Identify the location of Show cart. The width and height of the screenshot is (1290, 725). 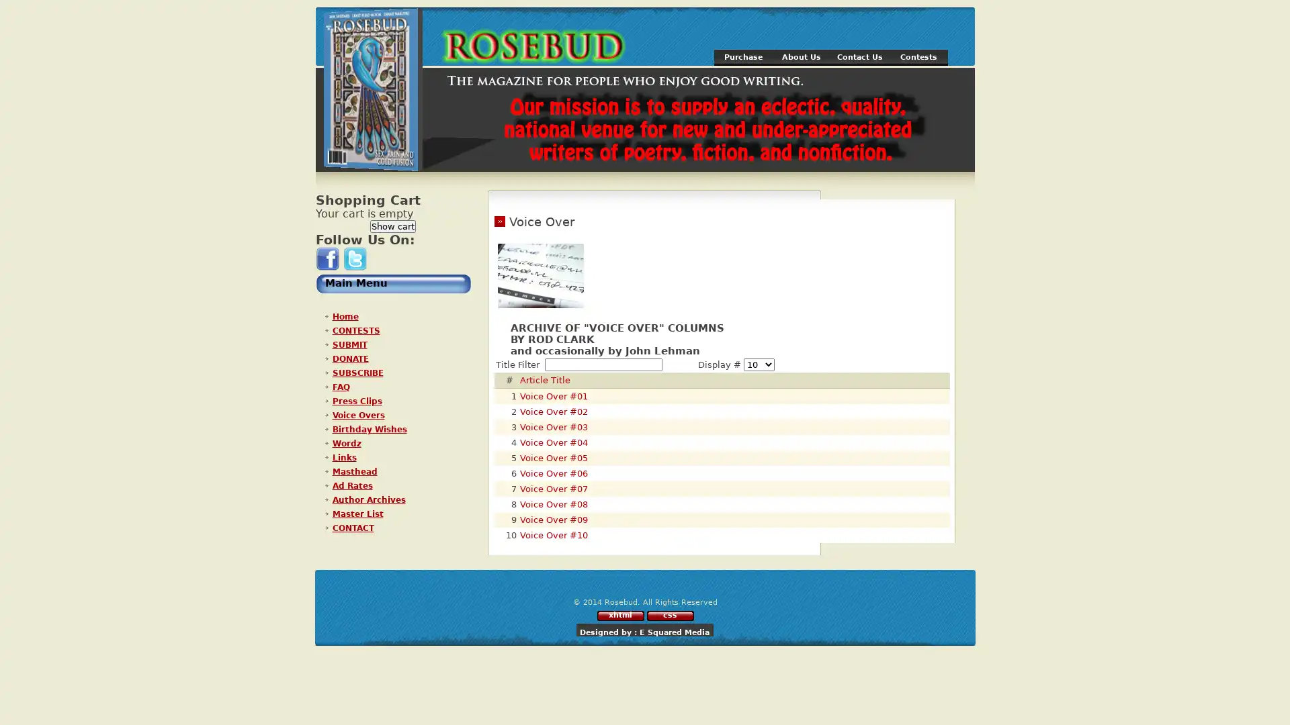
(392, 226).